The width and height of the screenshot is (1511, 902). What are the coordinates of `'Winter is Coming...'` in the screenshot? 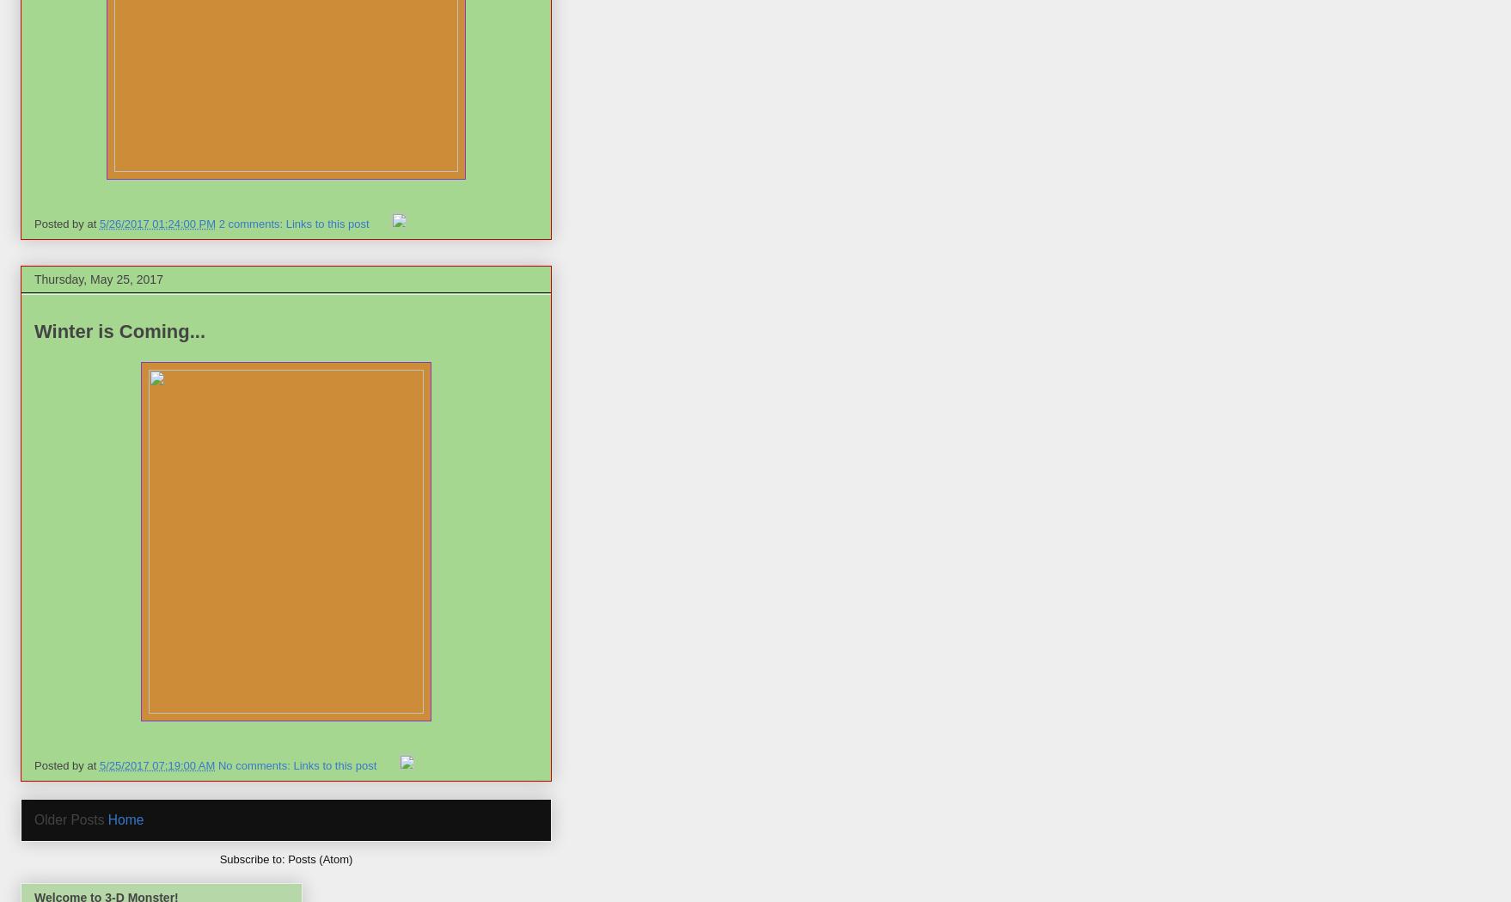 It's located at (119, 330).